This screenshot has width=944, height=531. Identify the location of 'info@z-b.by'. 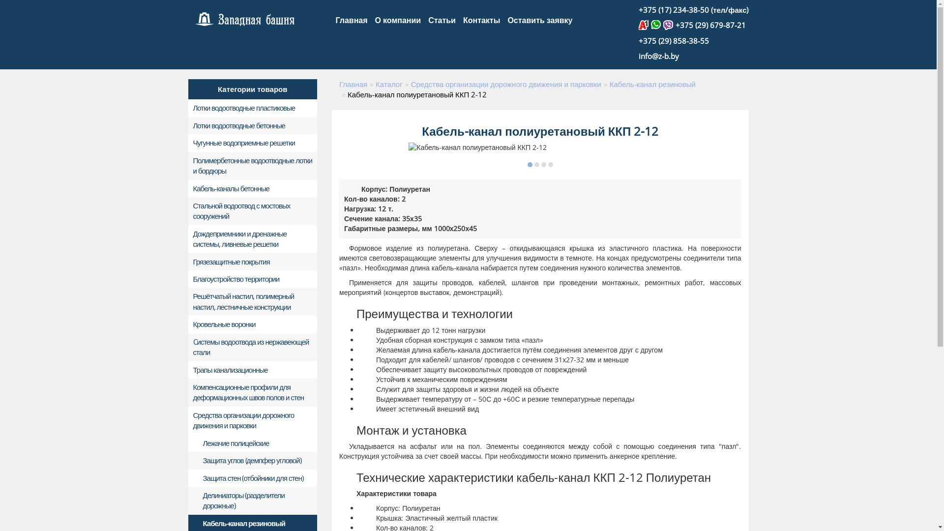
(658, 56).